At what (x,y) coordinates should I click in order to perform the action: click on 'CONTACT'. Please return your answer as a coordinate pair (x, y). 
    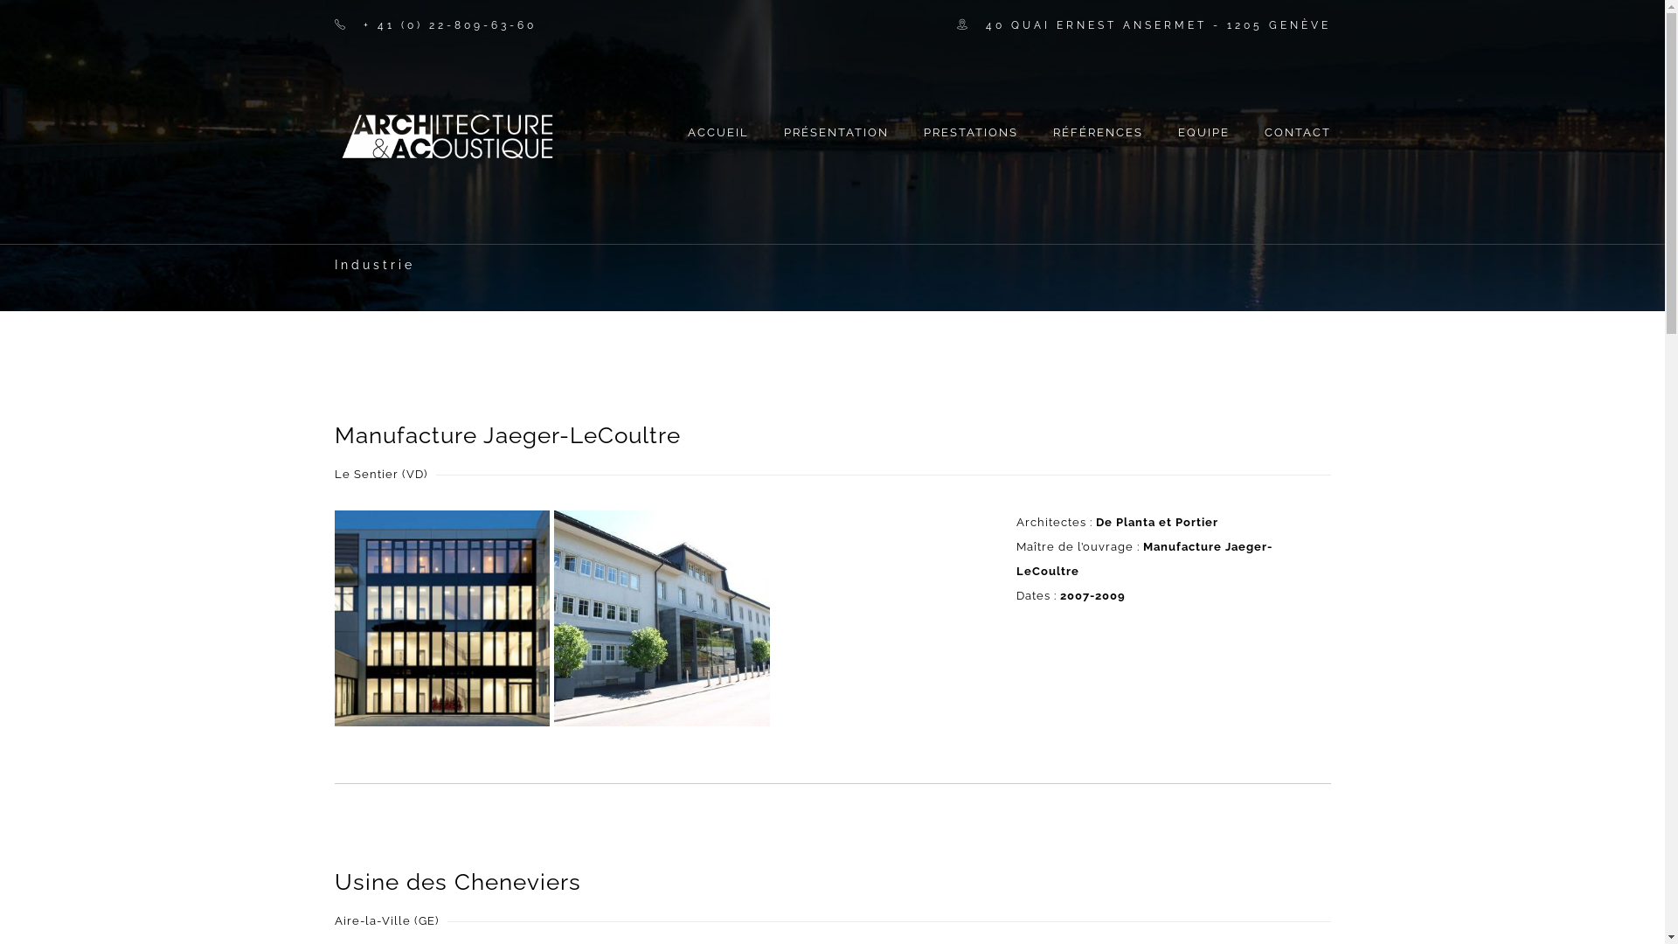
    Looking at the image, I should click on (1287, 122).